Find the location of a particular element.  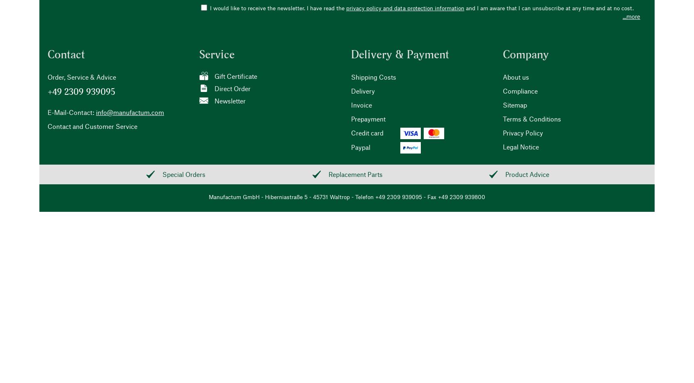

'E-Mail-Contact:' is located at coordinates (70, 112).